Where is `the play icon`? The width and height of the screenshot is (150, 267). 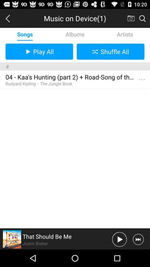 the play icon is located at coordinates (119, 256).